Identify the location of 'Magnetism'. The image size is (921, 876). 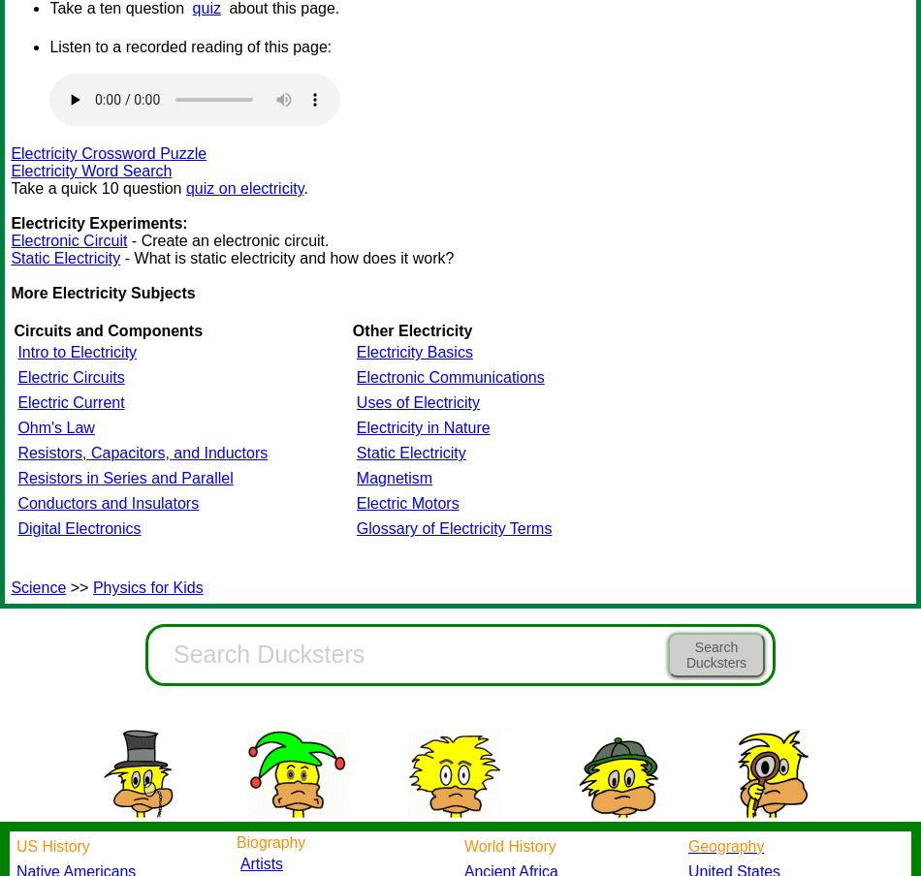
(393, 477).